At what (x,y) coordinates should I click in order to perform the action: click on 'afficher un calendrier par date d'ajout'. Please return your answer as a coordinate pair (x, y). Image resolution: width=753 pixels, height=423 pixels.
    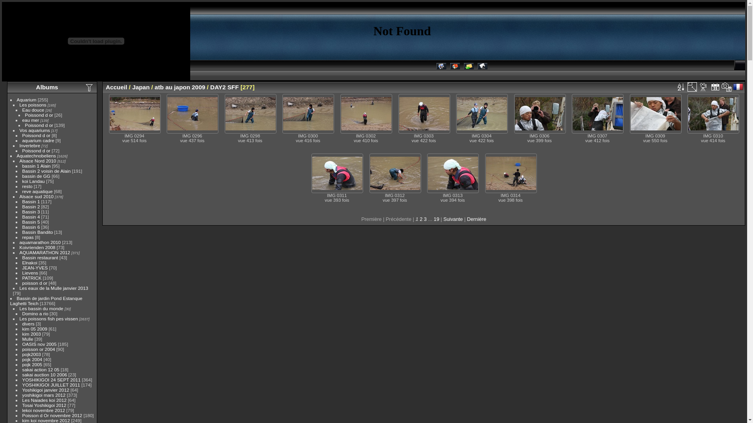
    Looking at the image, I should click on (715, 87).